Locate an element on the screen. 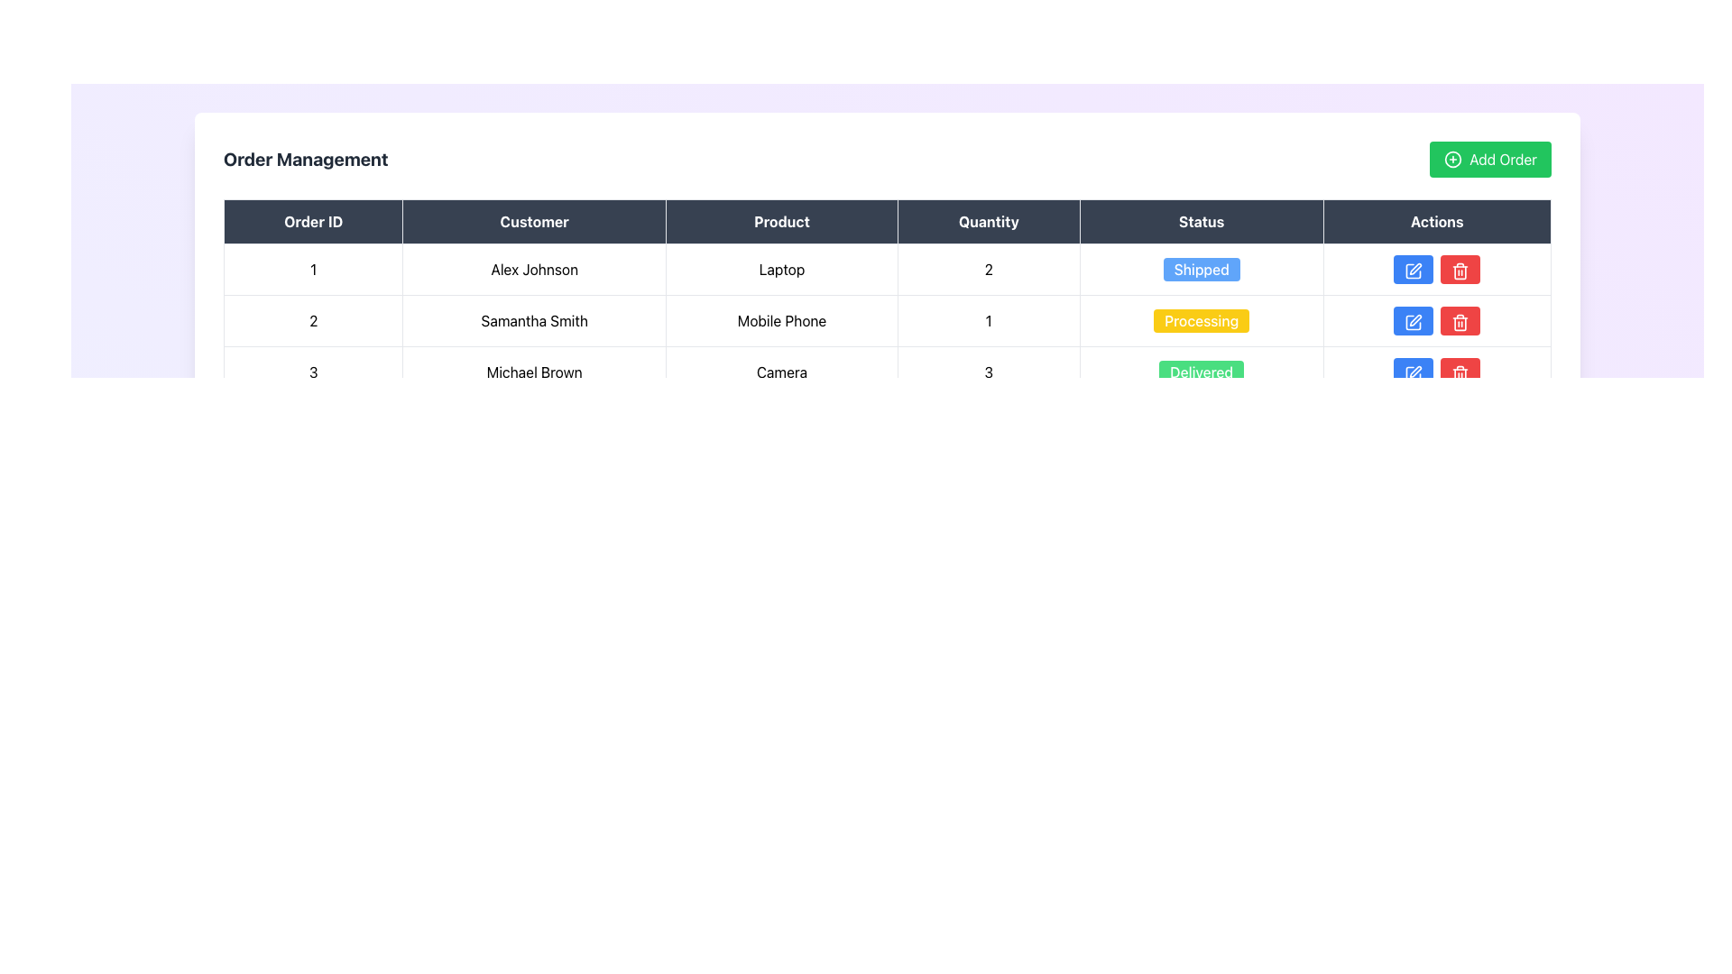 Image resolution: width=1732 pixels, height=974 pixels. the non-interactive label indicating the status 'Processing' for the entry 'Samantha Smith' in the 'Status' column of the second row is located at coordinates (1202, 319).